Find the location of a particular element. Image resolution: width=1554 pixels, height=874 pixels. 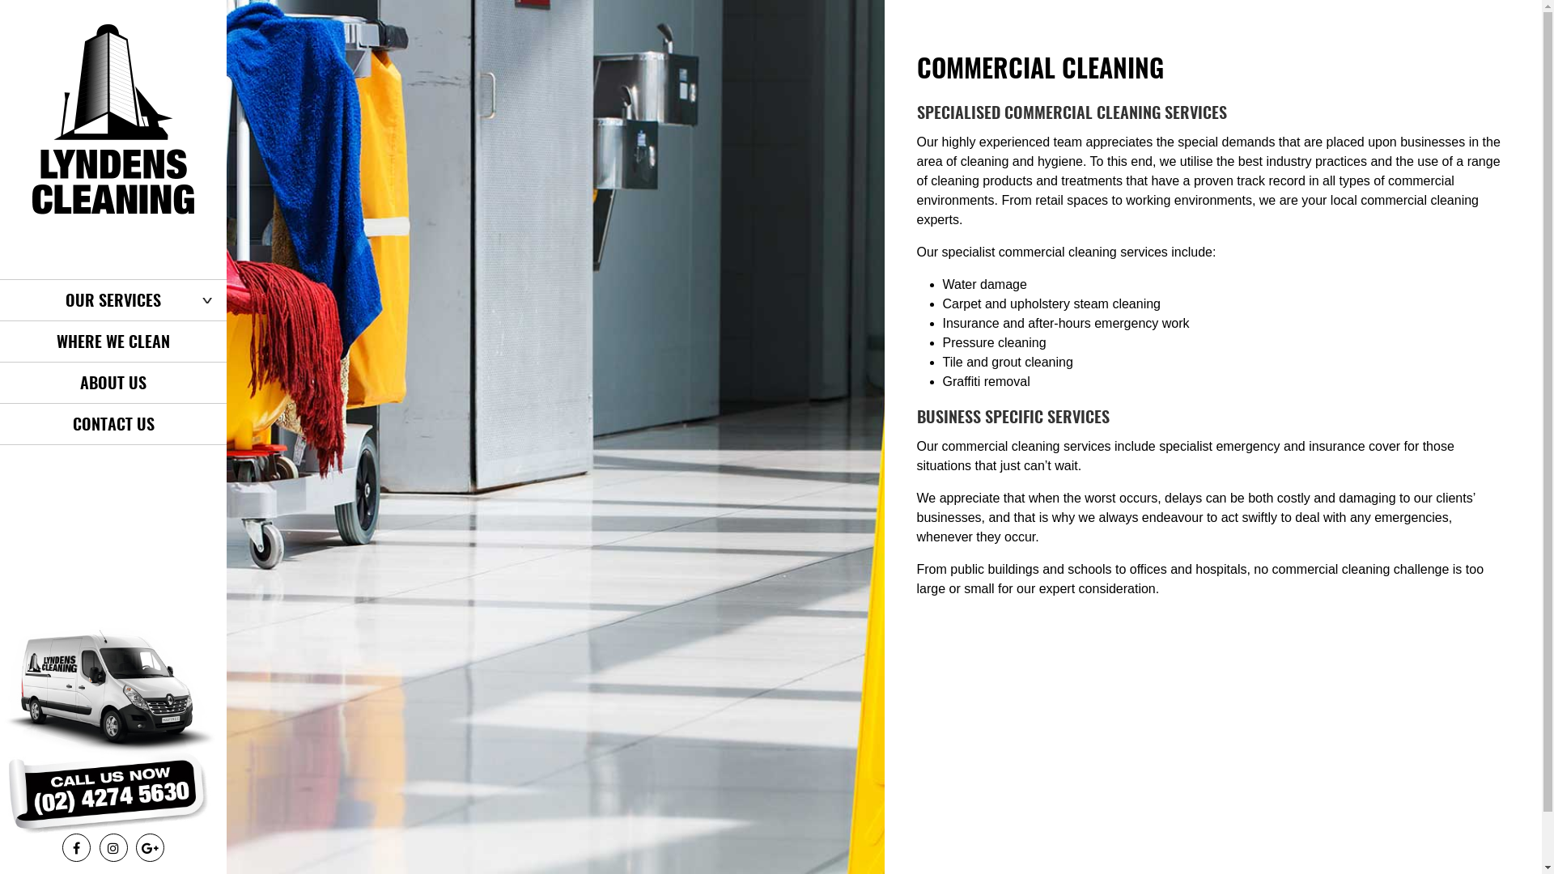

'ABOUT US' is located at coordinates (0, 383).